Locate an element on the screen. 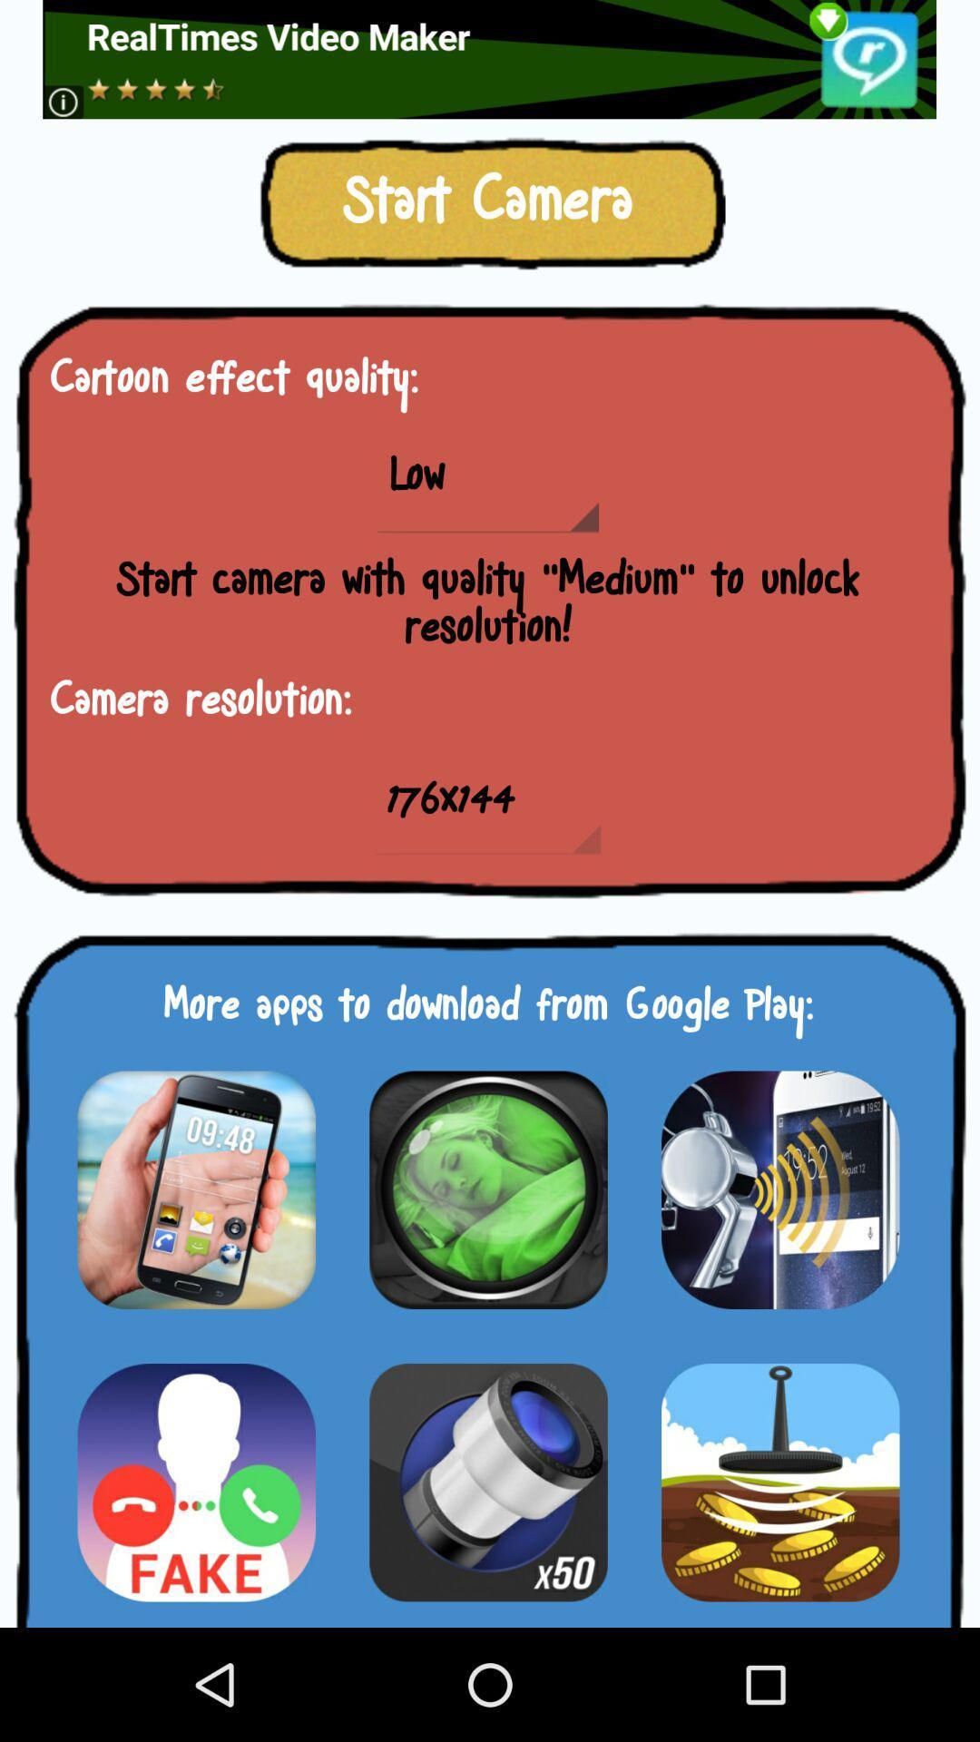  download whistle app is located at coordinates (779, 1189).